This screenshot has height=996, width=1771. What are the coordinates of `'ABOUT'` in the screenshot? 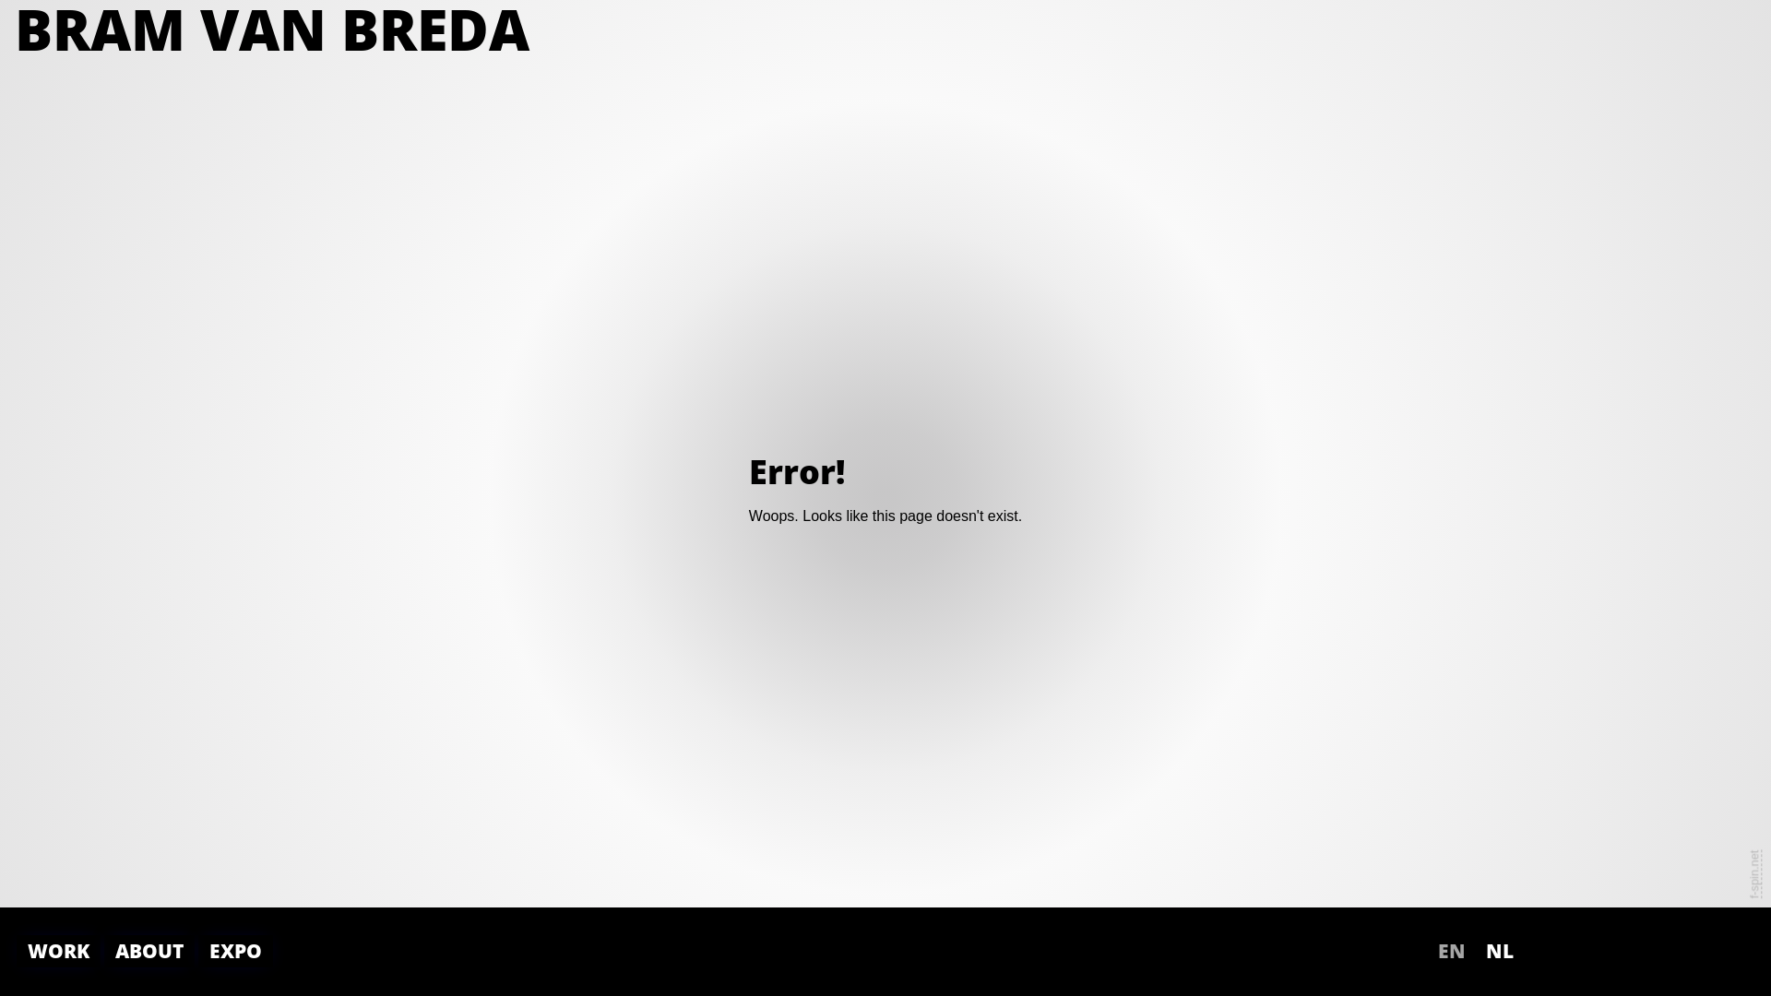 It's located at (149, 951).